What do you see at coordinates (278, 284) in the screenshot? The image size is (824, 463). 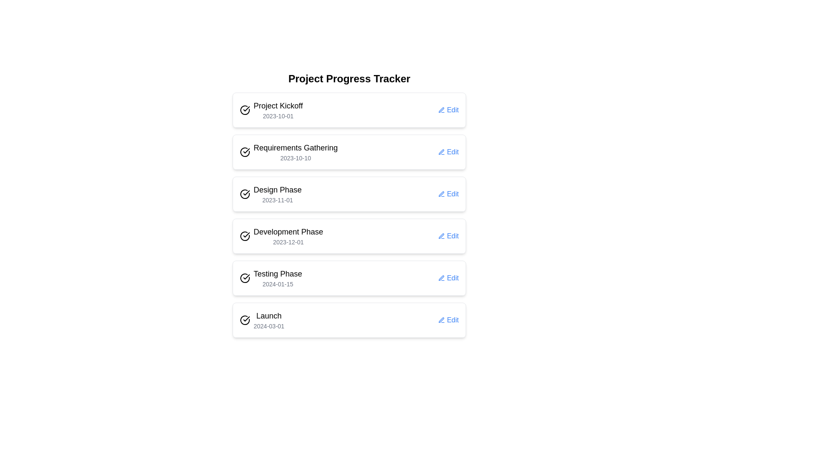 I see `the textual label displaying '2024-01-15', which is located under 'Testing Phase' in the list-like interface` at bounding box center [278, 284].